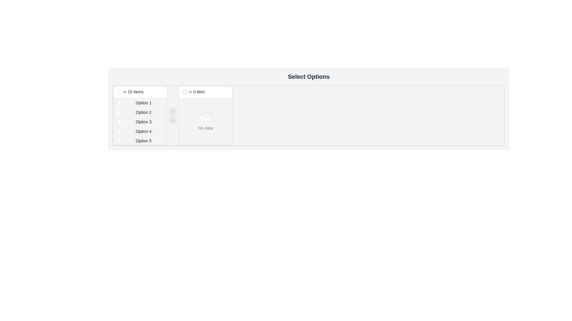 The image size is (572, 321). I want to click on the checkbox associated with 'Option 5' in the vertical list, so click(140, 141).